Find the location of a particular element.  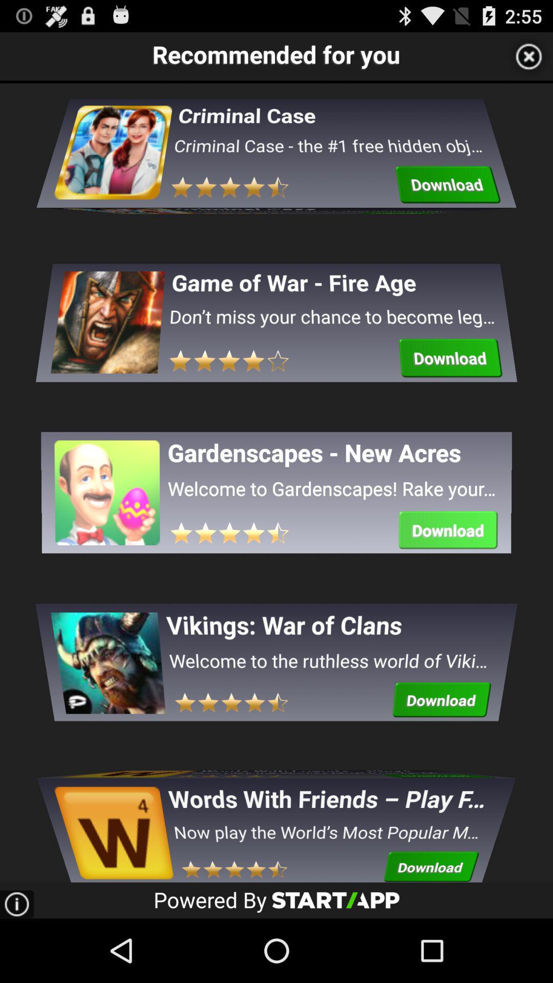

the close icon is located at coordinates (528, 60).